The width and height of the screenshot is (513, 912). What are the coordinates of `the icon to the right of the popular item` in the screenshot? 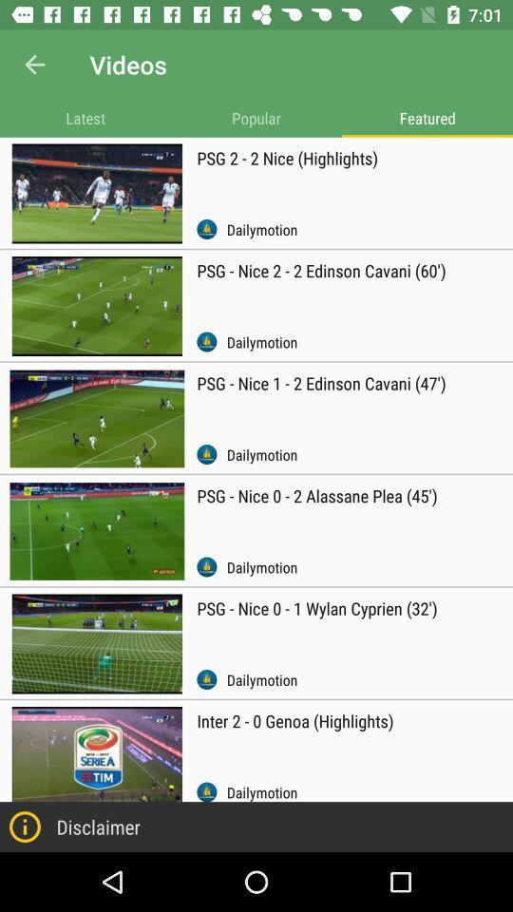 It's located at (427, 117).